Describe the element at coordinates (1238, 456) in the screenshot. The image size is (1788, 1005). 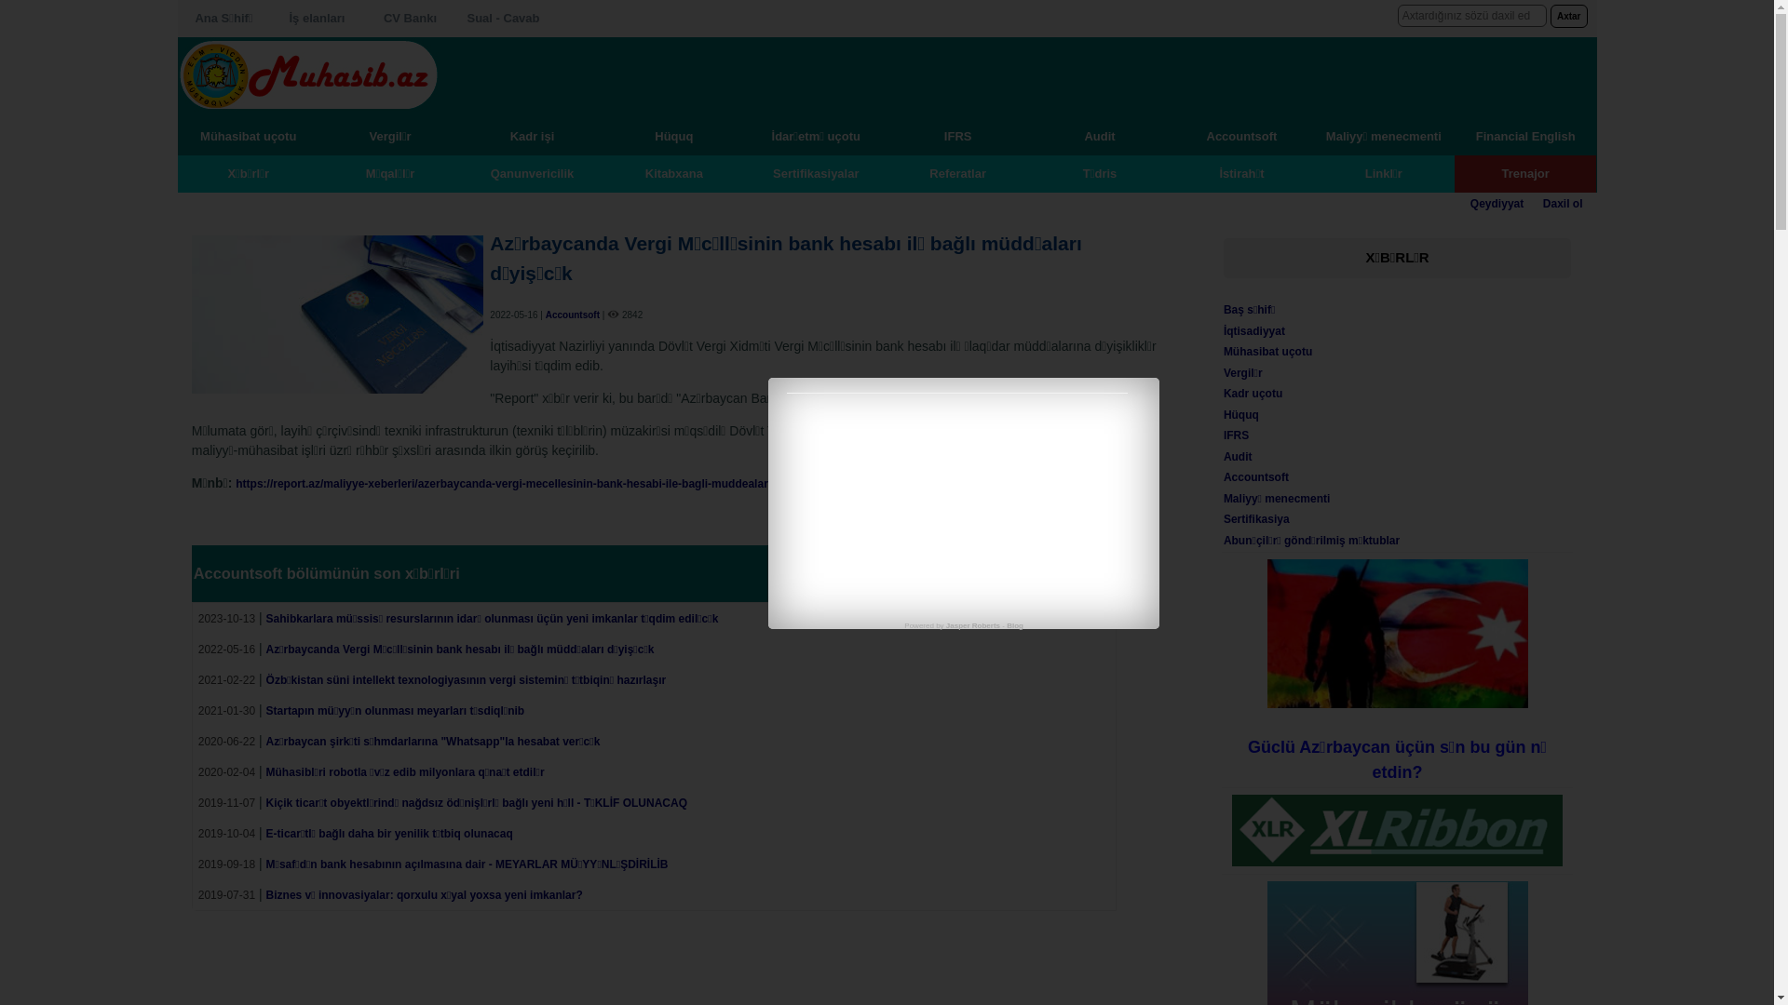
I see `'Audit'` at that location.